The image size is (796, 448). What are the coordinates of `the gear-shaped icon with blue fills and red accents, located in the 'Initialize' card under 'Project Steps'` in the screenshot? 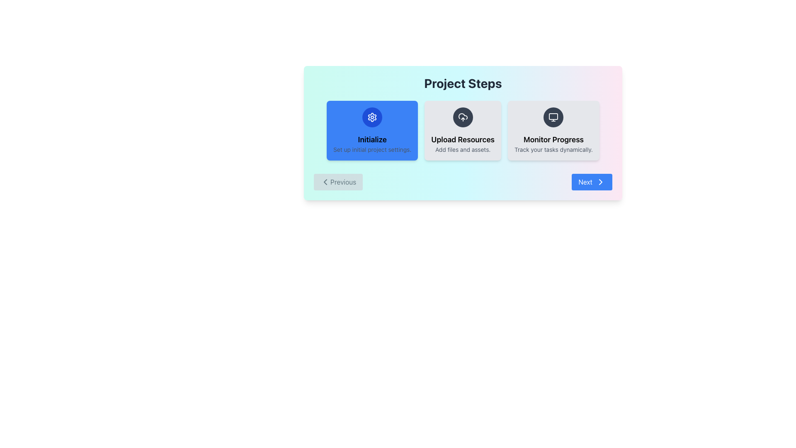 It's located at (371, 117).